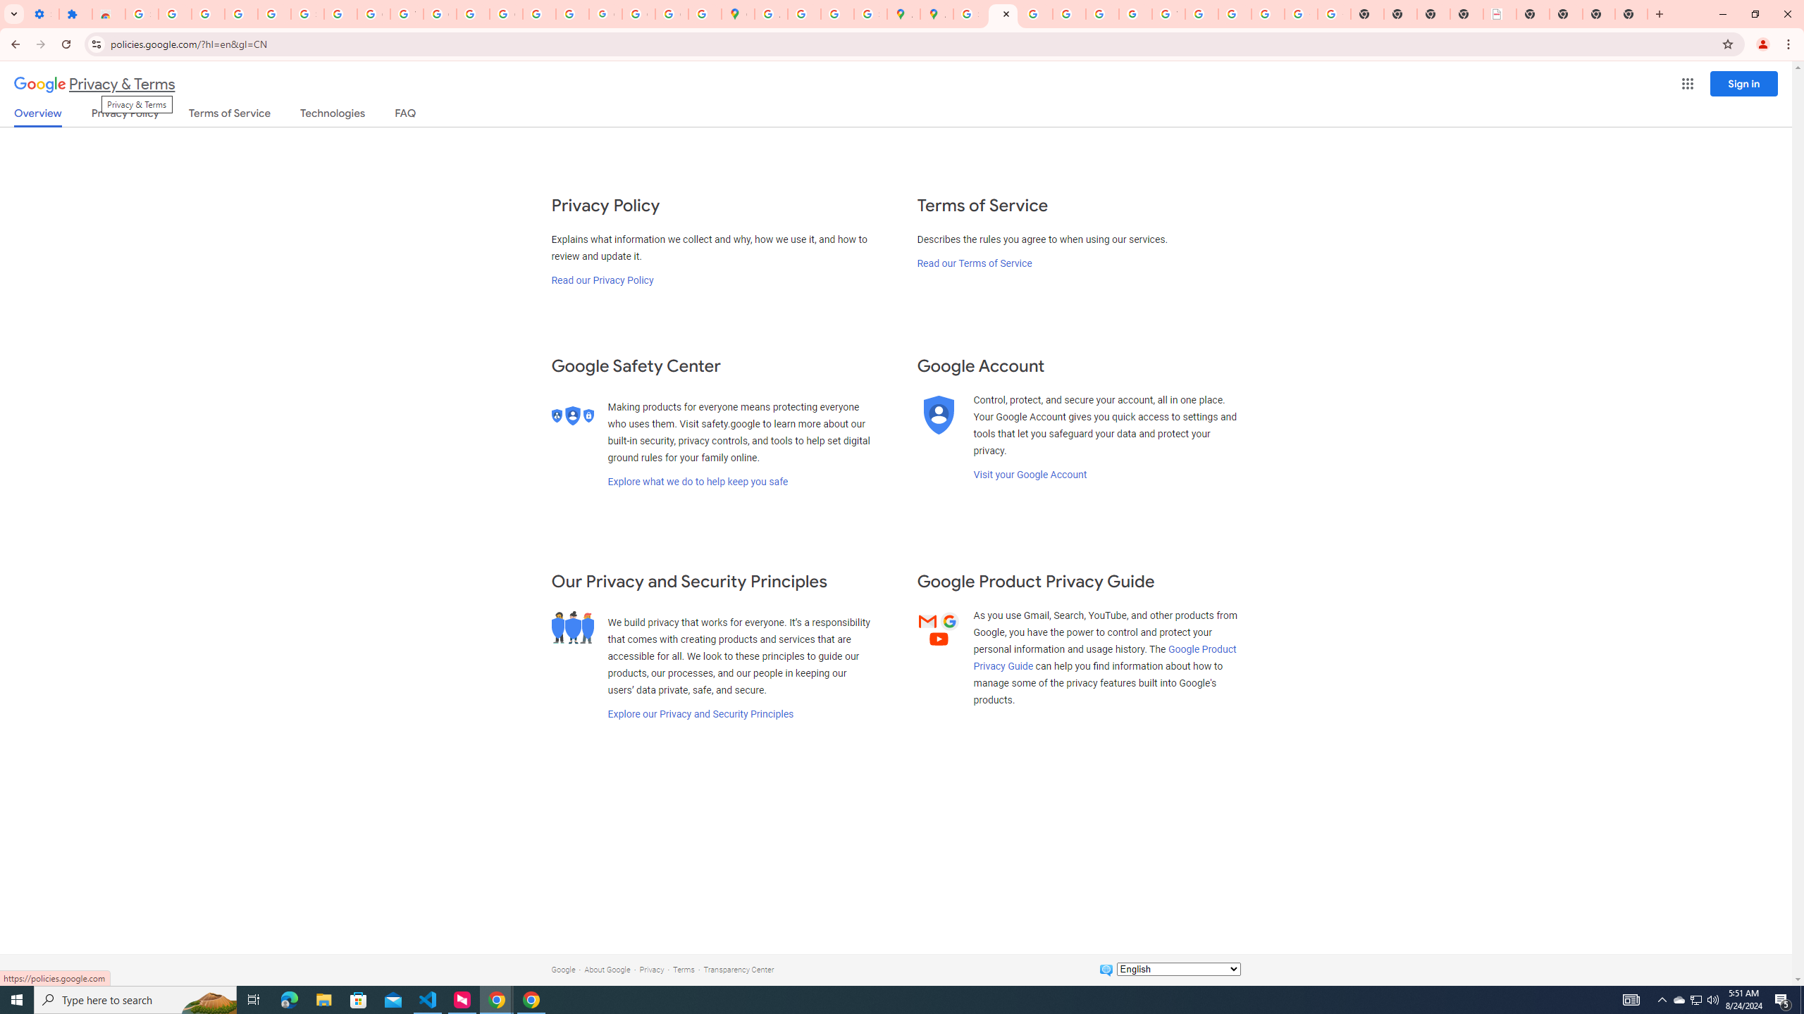  Describe the element at coordinates (42, 13) in the screenshot. I see `'Settings - On startup'` at that location.